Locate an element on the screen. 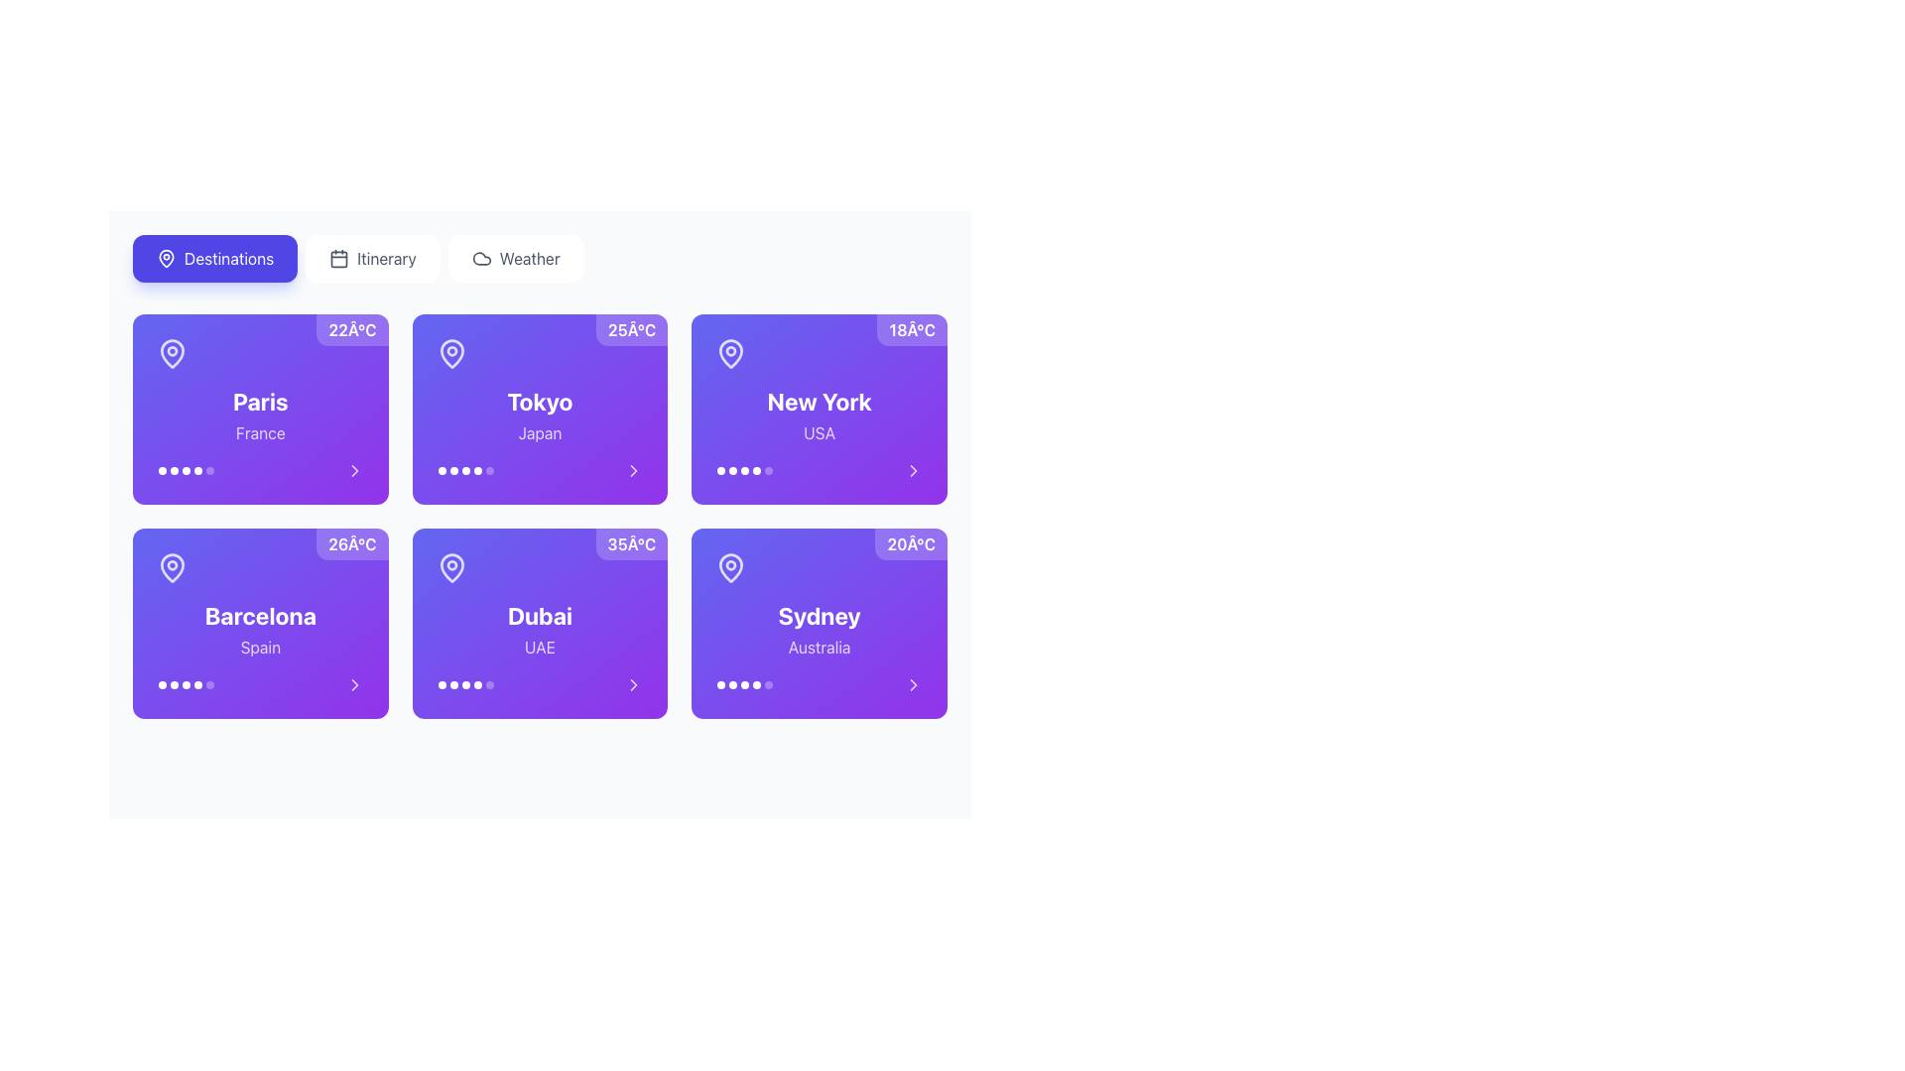 The width and height of the screenshot is (1905, 1071). the 'Weather' button, which is a horizontally-aligned button with rounded corners and a white background, displaying a cloud icon and gray text is located at coordinates (516, 258).